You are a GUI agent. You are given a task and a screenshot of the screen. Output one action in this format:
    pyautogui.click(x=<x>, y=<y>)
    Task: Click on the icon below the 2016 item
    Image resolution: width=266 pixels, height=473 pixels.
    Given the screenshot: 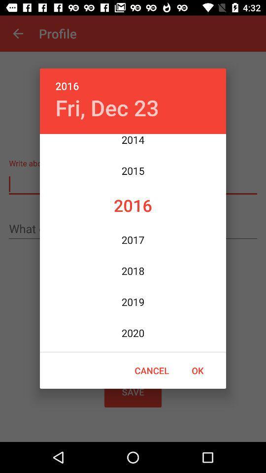 What is the action you would take?
    pyautogui.click(x=106, y=107)
    